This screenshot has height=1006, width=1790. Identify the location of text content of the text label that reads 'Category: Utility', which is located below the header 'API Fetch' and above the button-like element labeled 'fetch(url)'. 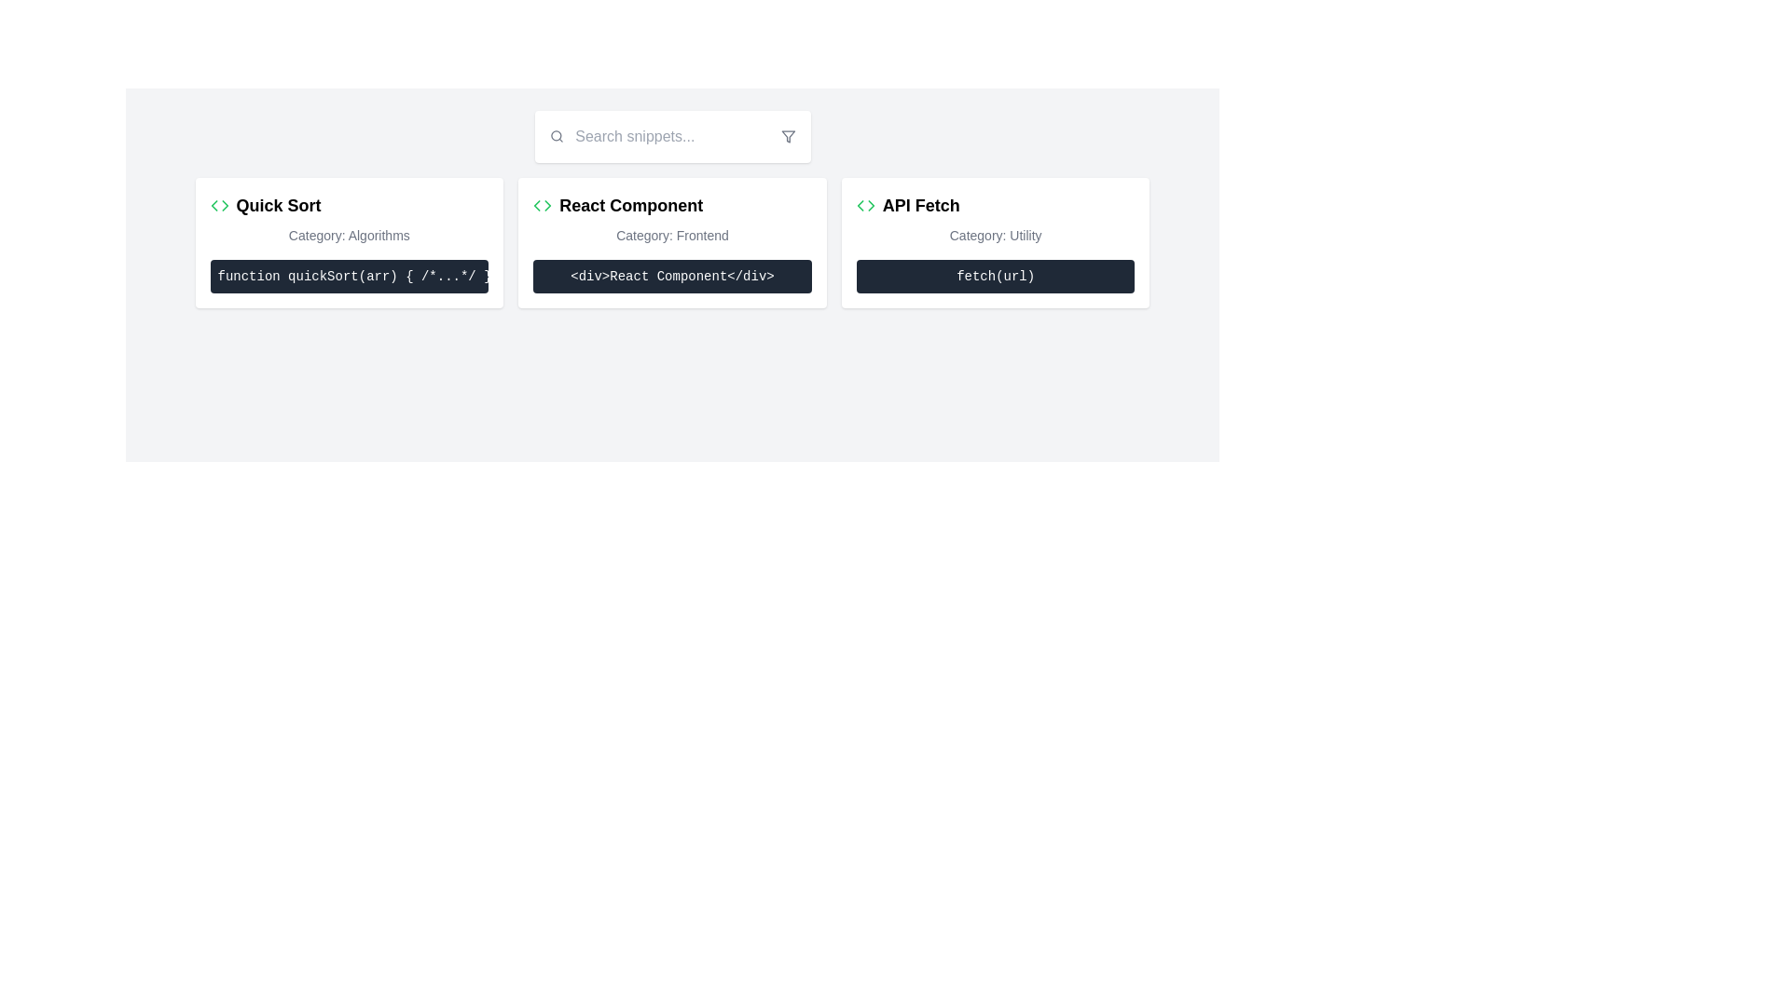
(995, 235).